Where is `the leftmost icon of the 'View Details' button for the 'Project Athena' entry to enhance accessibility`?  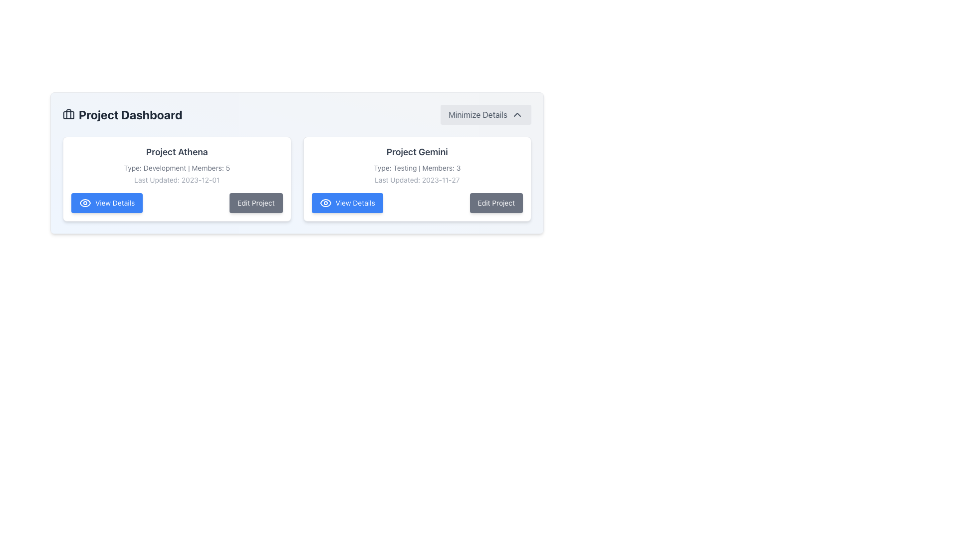 the leftmost icon of the 'View Details' button for the 'Project Athena' entry to enhance accessibility is located at coordinates (85, 203).